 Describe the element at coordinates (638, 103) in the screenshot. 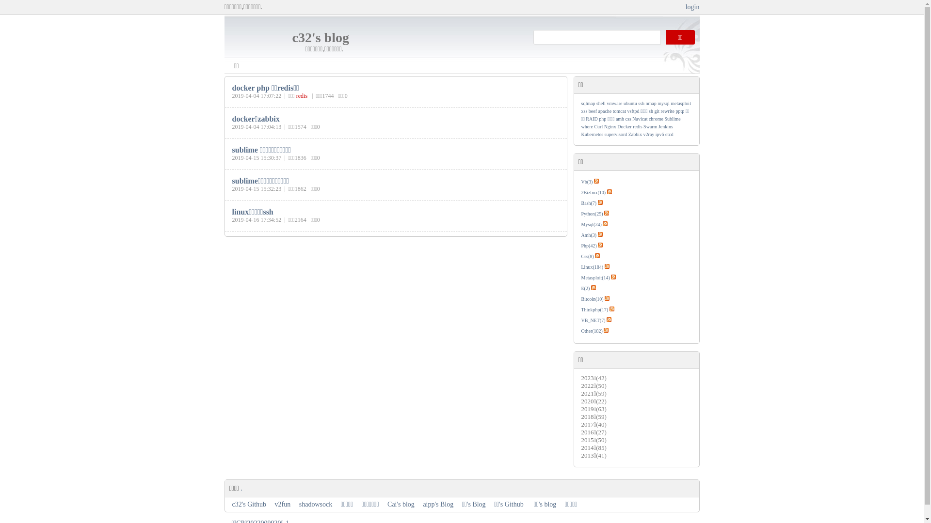

I see `'ssh'` at that location.